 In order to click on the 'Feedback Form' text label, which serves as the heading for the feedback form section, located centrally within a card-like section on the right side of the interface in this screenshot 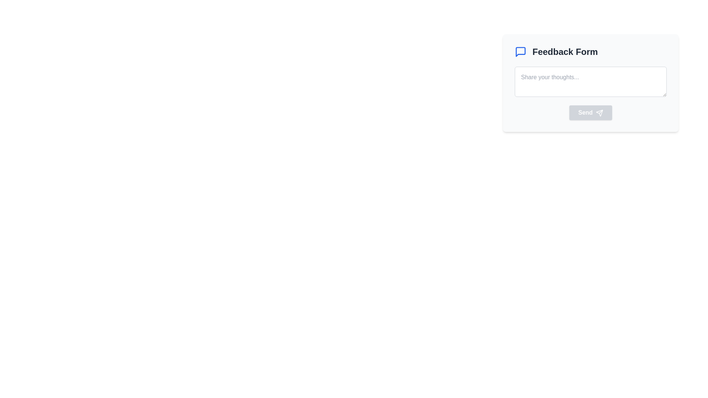, I will do `click(565, 52)`.